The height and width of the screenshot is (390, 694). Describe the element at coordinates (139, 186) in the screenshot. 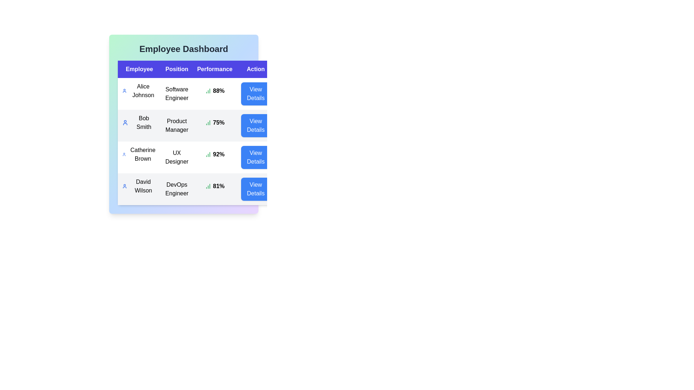

I see `the David Wilson row to observe potential tooltips or visual feedback` at that location.